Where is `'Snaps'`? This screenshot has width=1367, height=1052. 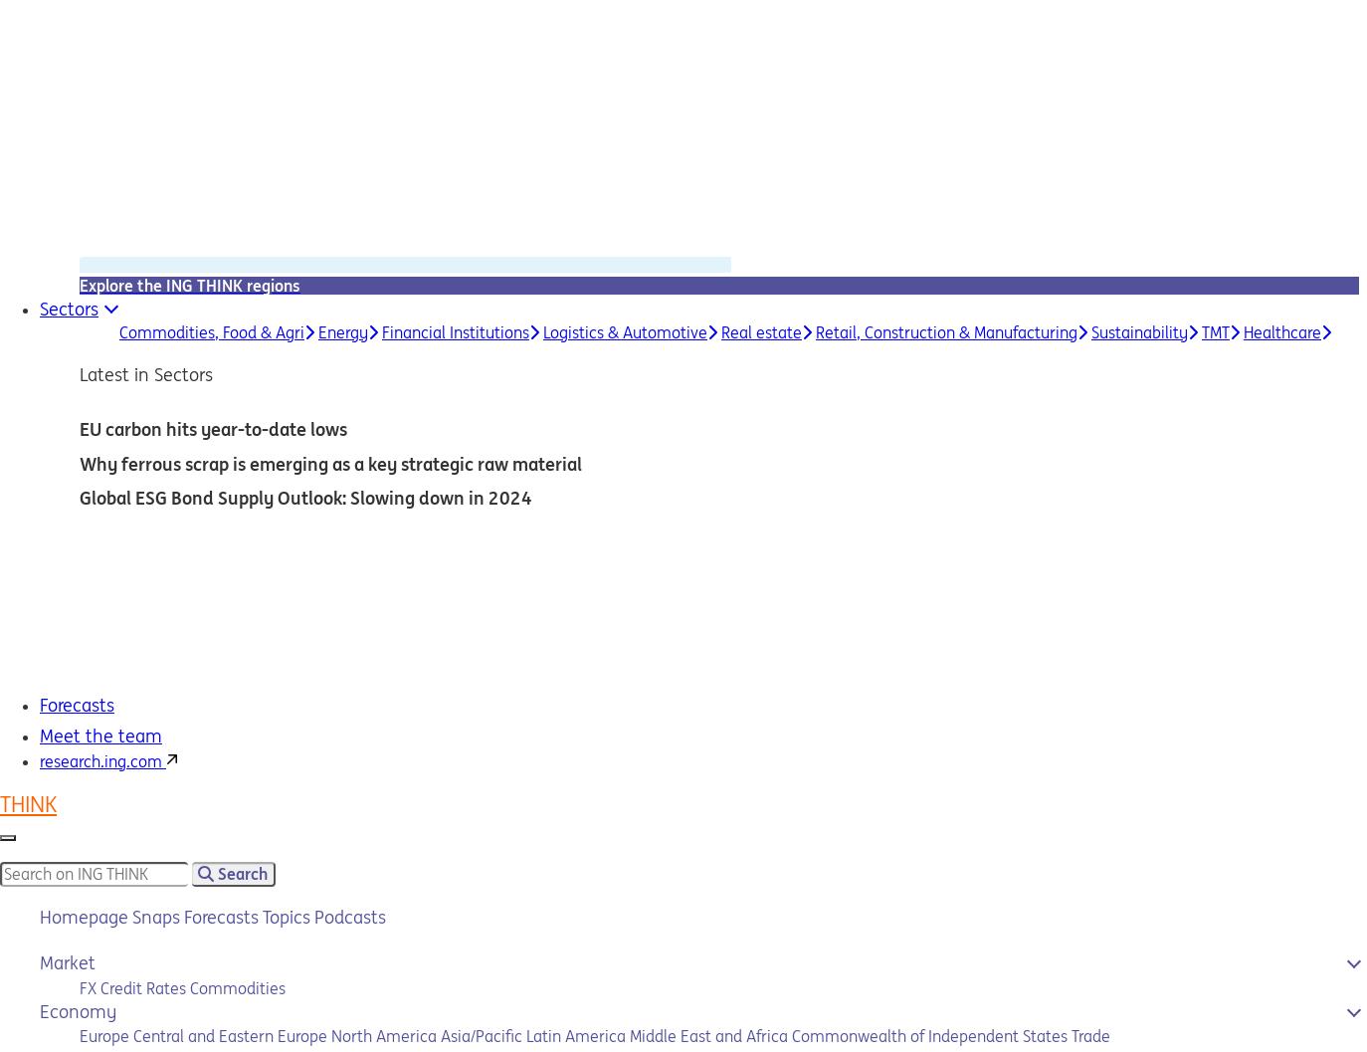 'Snaps' is located at coordinates (155, 916).